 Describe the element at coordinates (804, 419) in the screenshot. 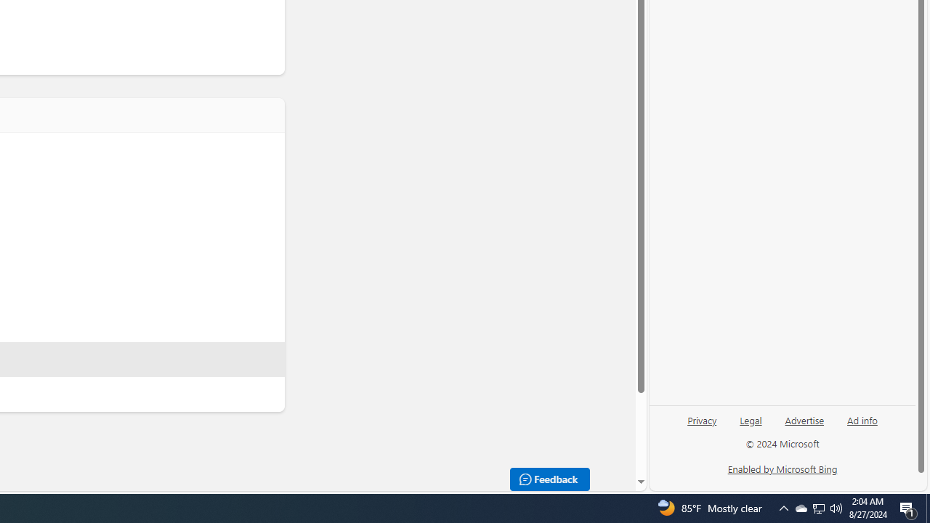

I see `'Advertise'` at that location.